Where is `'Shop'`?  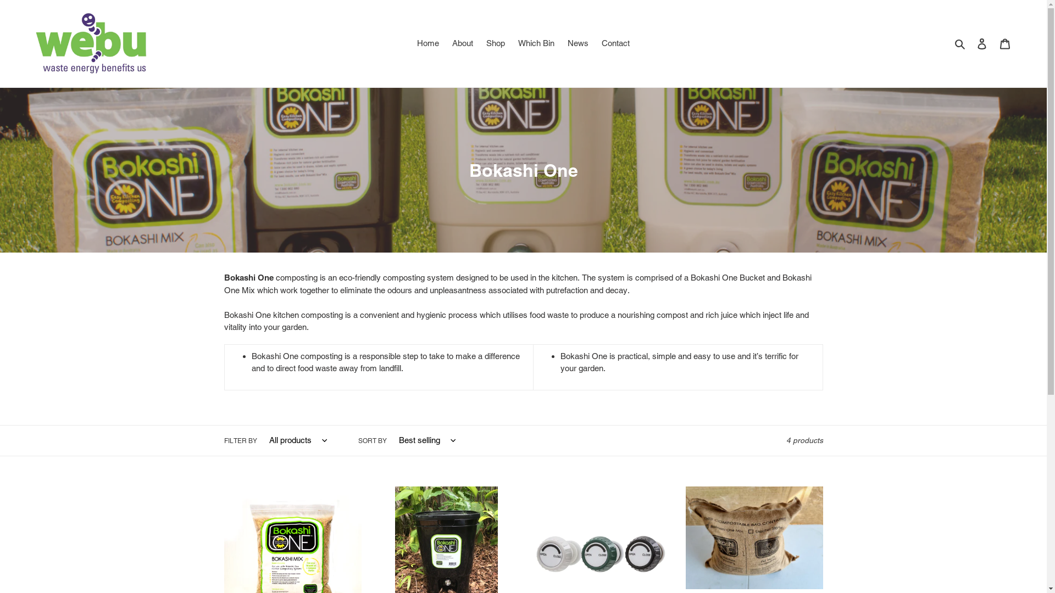
'Shop' is located at coordinates (480, 43).